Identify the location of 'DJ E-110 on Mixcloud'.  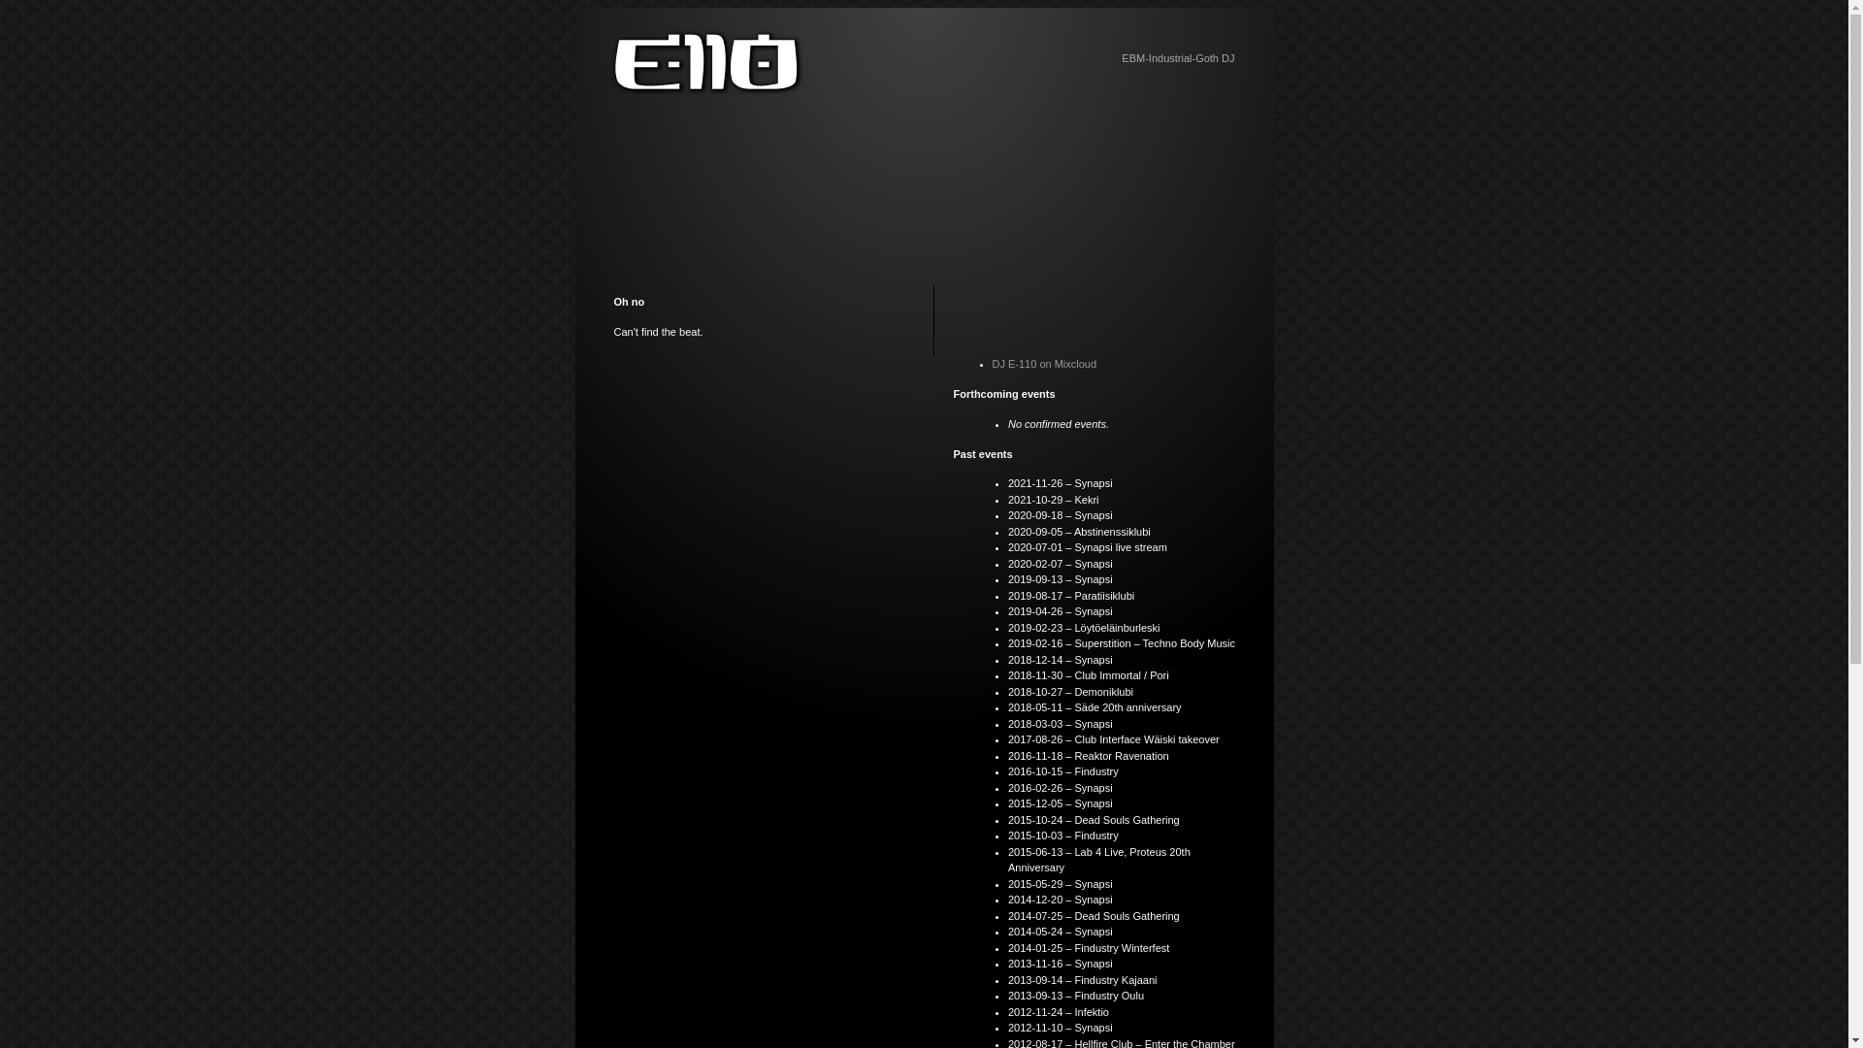
(992, 363).